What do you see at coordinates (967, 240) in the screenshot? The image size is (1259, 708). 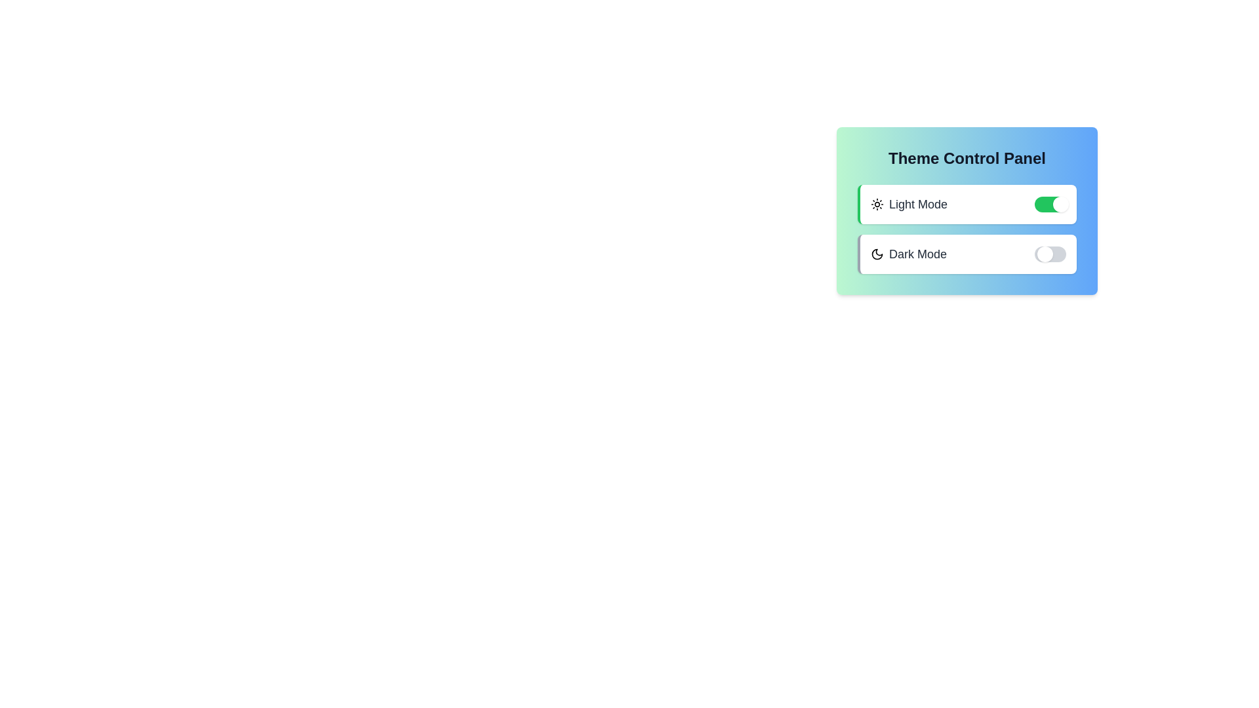 I see `the background area of the panel` at bounding box center [967, 240].